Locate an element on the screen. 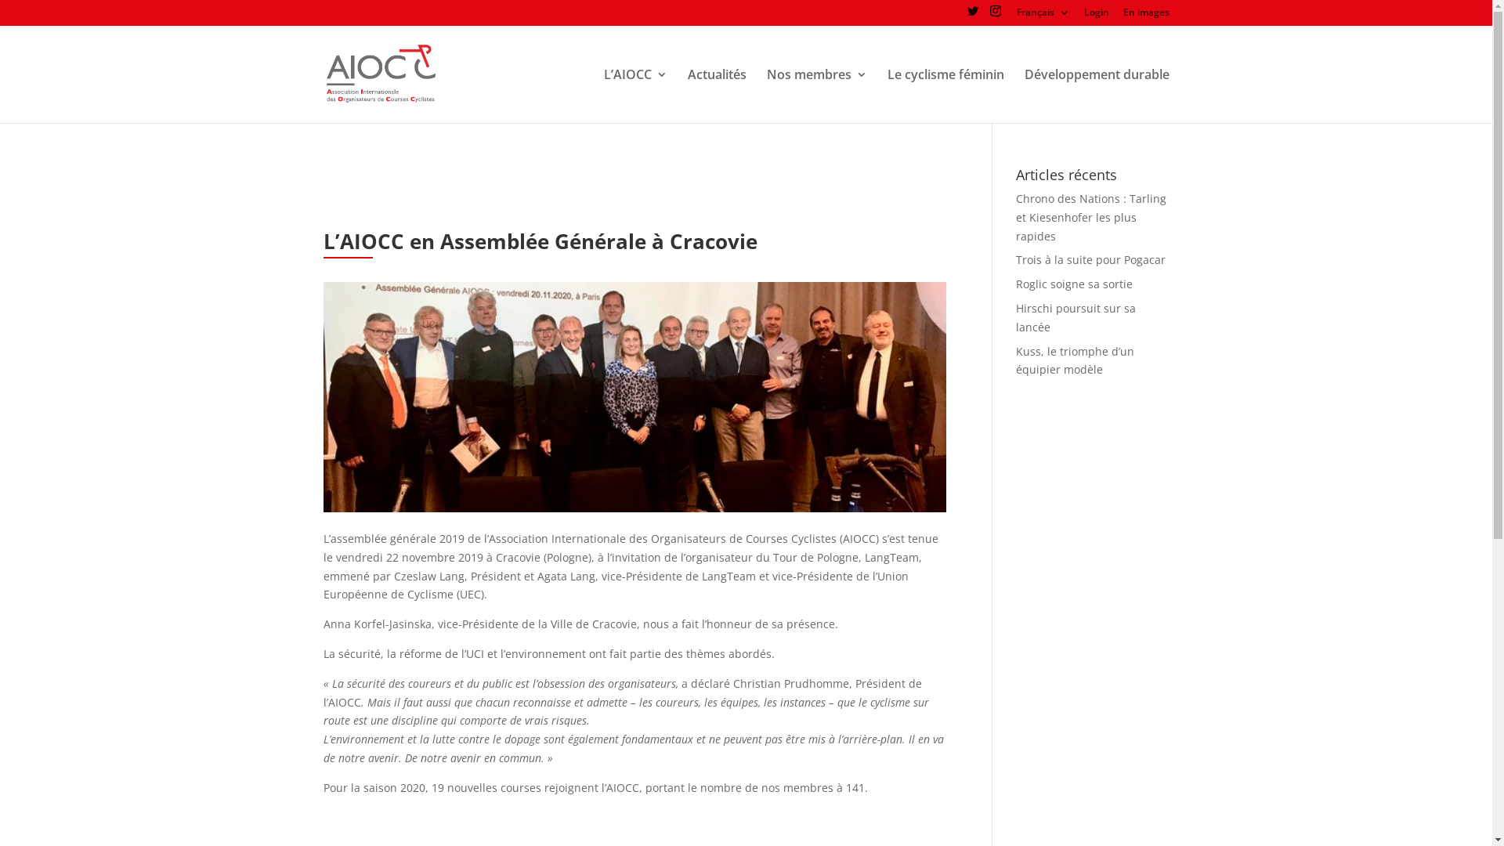  'Nos membres' is located at coordinates (815, 96).